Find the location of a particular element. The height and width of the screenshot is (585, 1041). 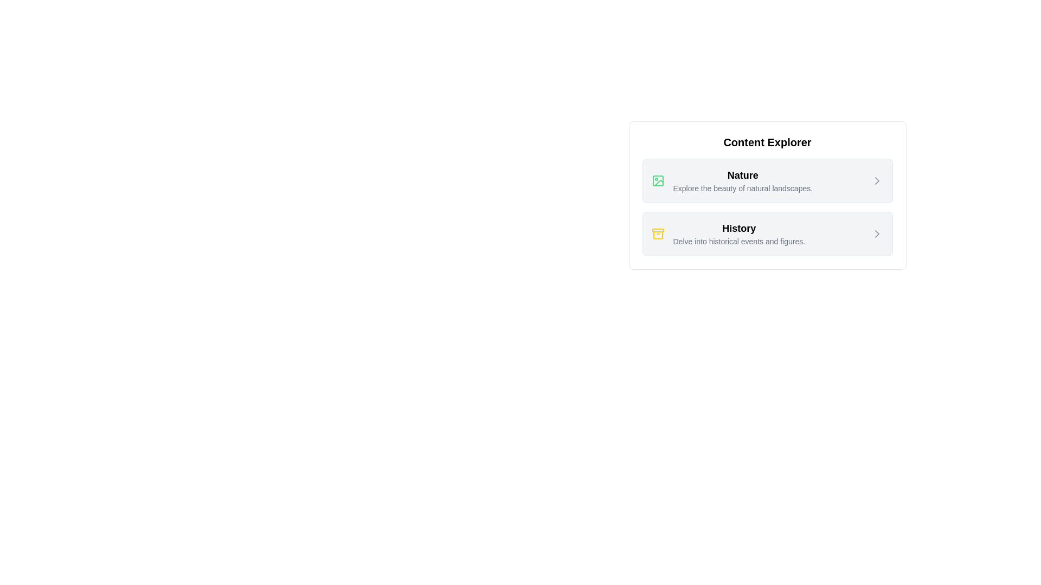

the 'Nature' Card located at the top of the vertical list in the 'Content Explorer' section is located at coordinates (767, 180).